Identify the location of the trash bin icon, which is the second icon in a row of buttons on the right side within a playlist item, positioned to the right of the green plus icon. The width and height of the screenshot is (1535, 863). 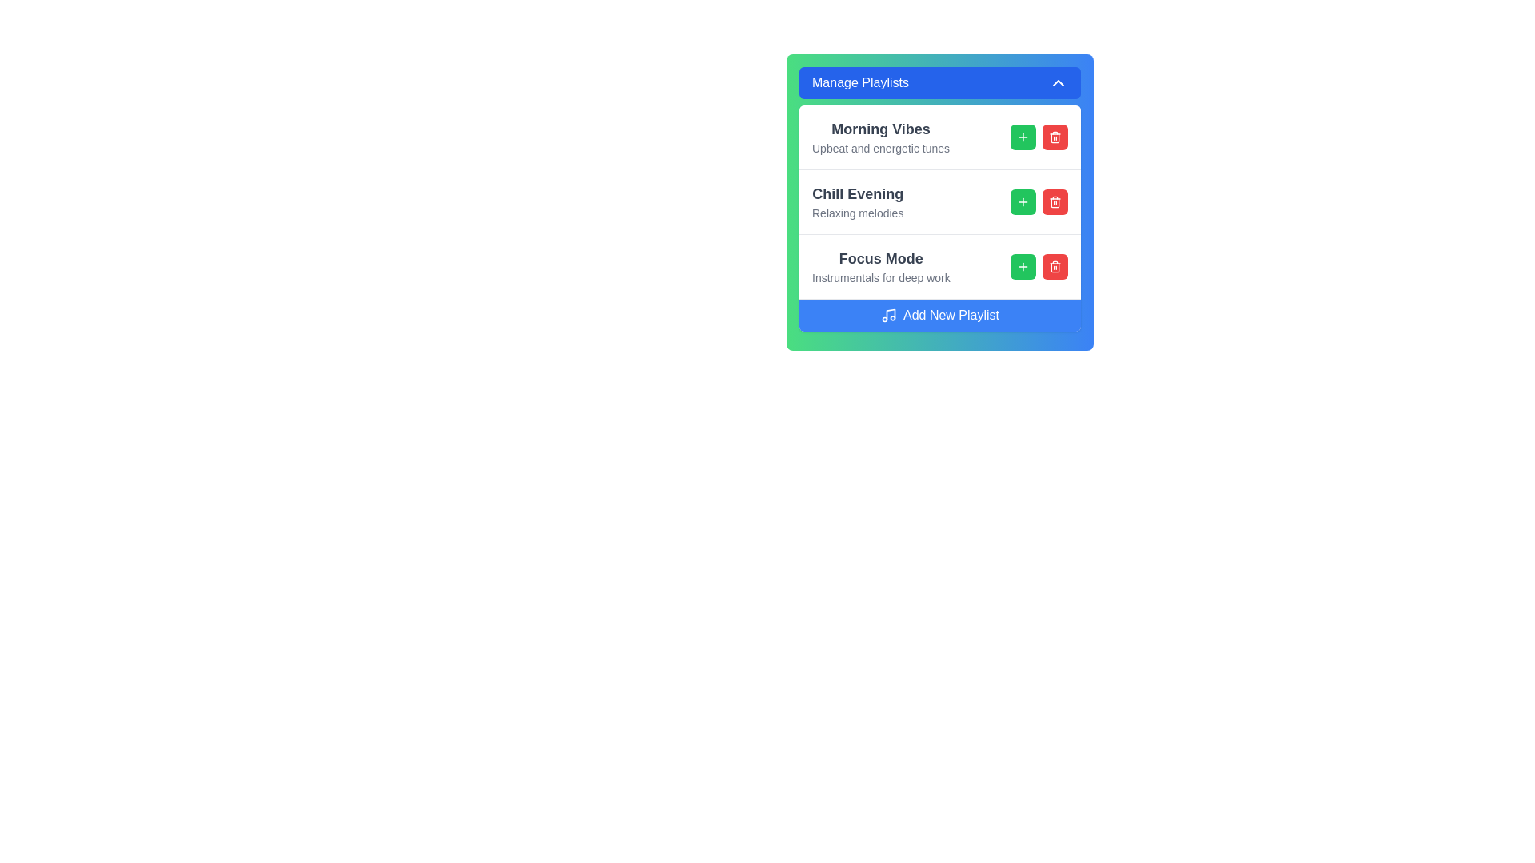
(1055, 267).